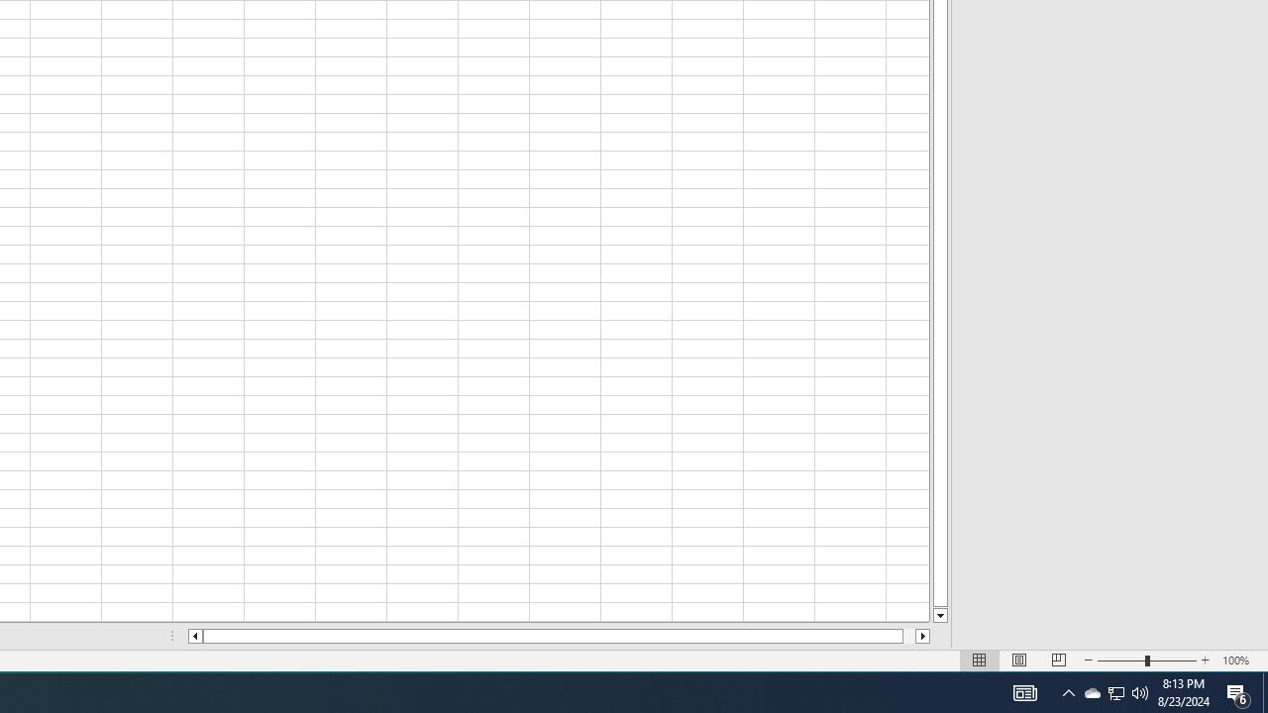 The height and width of the screenshot is (713, 1268). I want to click on 'Action Center, 6 new notifications', so click(1238, 691).